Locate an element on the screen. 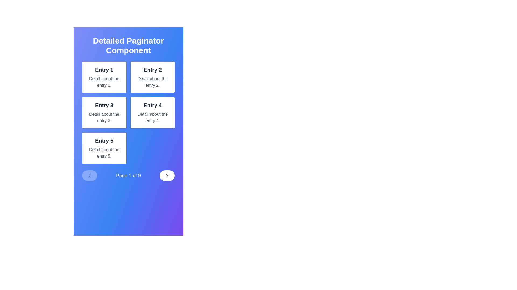 The image size is (517, 290). the text label displaying 'Entry 1', which is the title of the first card in the grid layout, styled in bold and dark gray color is located at coordinates (104, 69).